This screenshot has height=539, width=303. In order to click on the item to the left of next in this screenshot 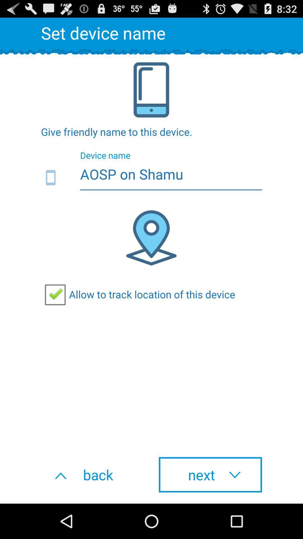, I will do `click(92, 474)`.